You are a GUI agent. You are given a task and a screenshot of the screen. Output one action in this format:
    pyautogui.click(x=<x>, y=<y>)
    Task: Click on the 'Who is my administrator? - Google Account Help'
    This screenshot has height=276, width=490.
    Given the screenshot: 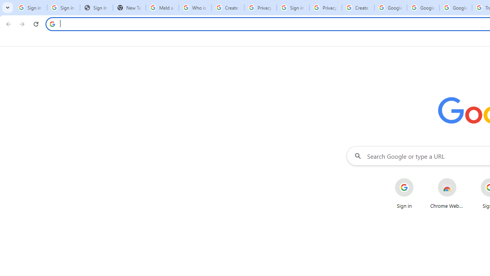 What is the action you would take?
    pyautogui.click(x=195, y=8)
    